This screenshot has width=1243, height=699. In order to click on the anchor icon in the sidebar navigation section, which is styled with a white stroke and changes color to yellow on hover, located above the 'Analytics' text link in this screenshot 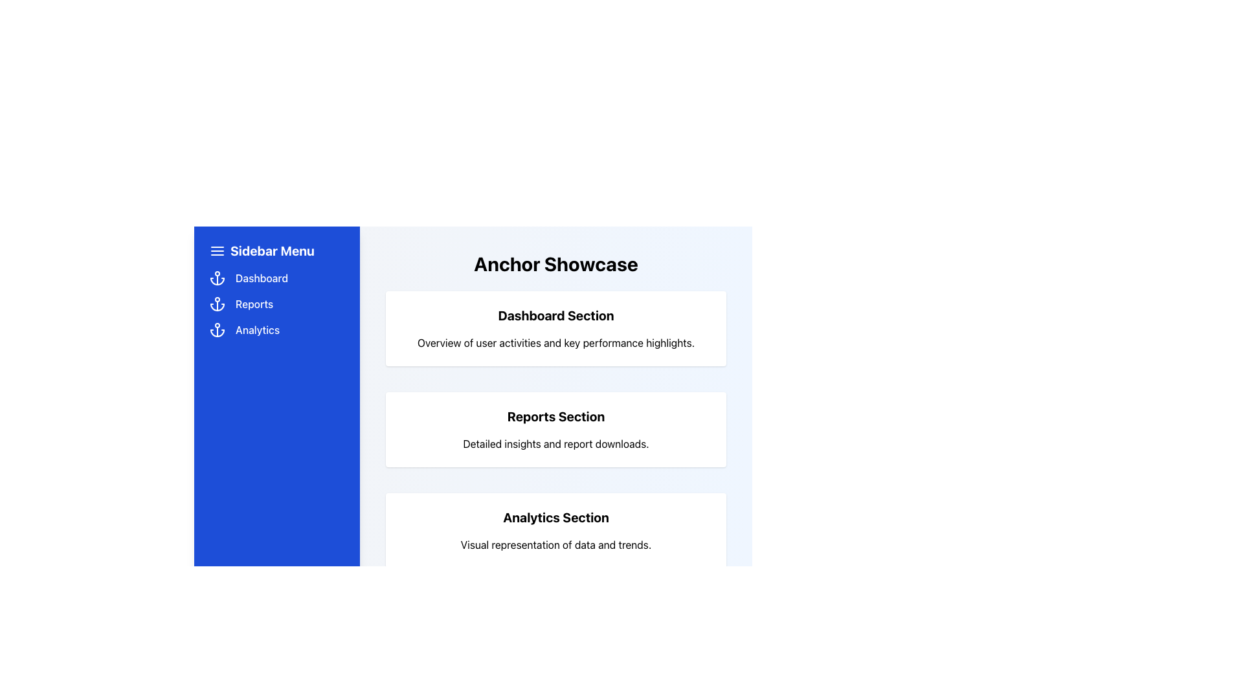, I will do `click(218, 329)`.